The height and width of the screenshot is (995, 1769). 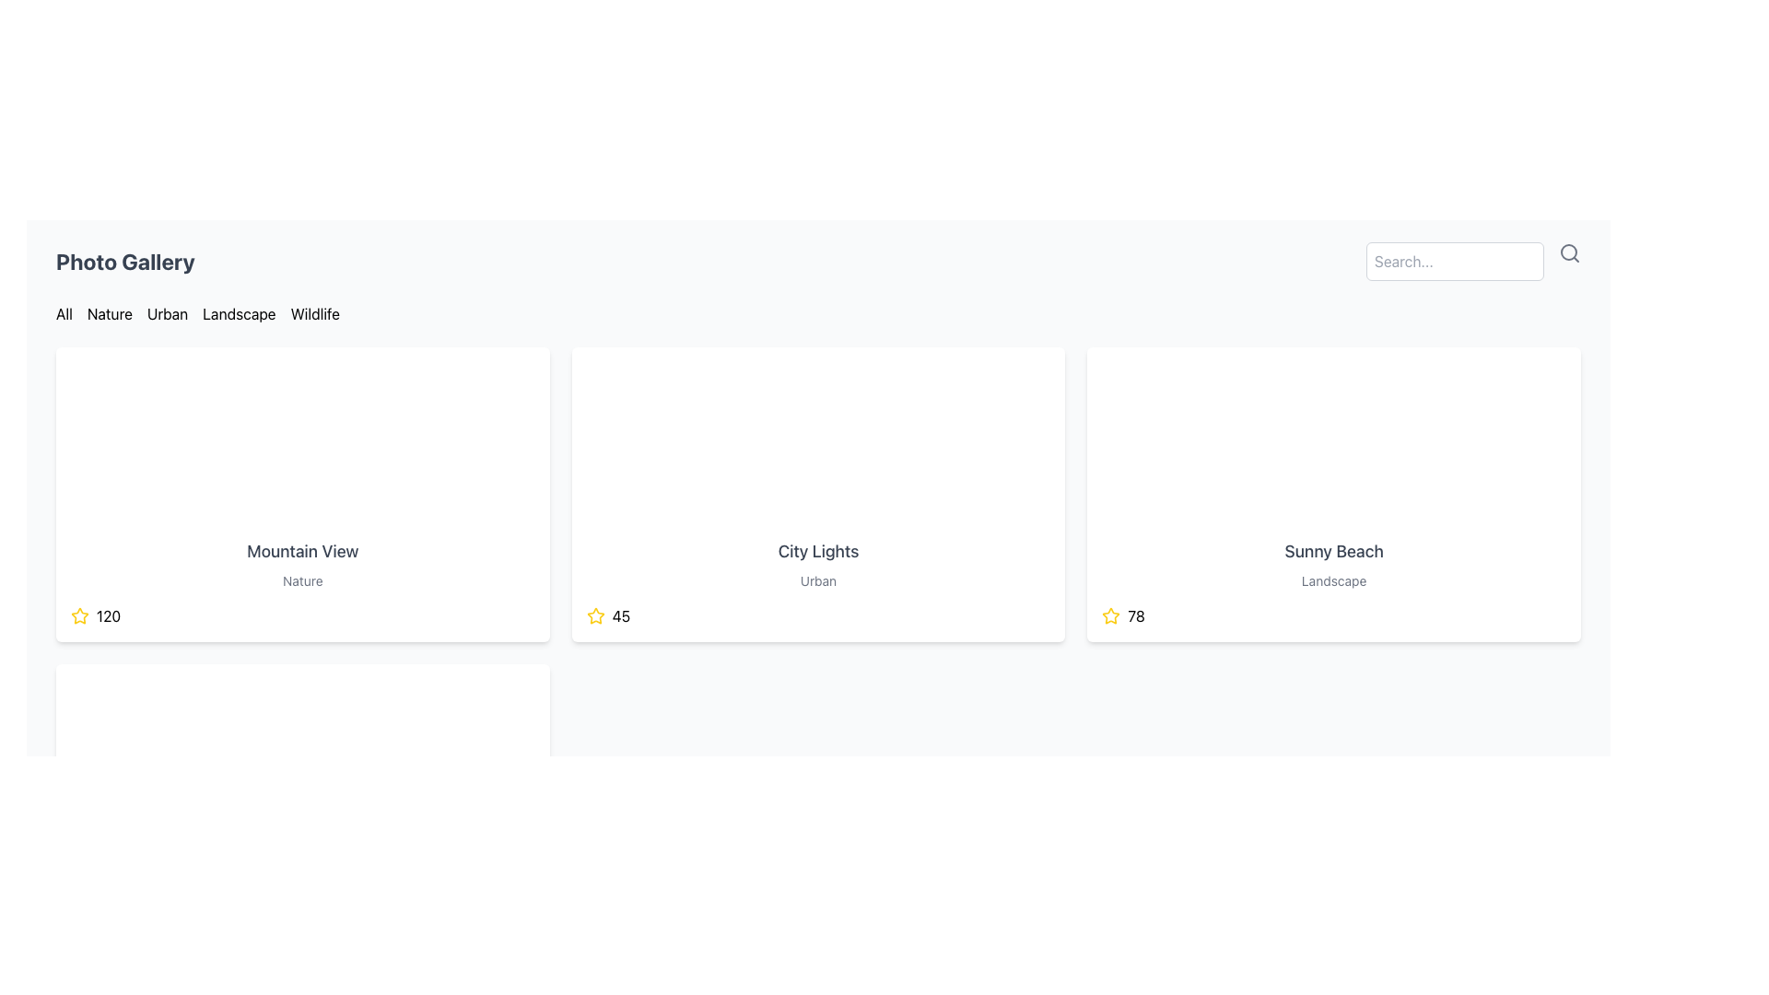 What do you see at coordinates (1334, 550) in the screenshot?
I see `the title text of the third card in the gallery layout, which describes the location or item` at bounding box center [1334, 550].